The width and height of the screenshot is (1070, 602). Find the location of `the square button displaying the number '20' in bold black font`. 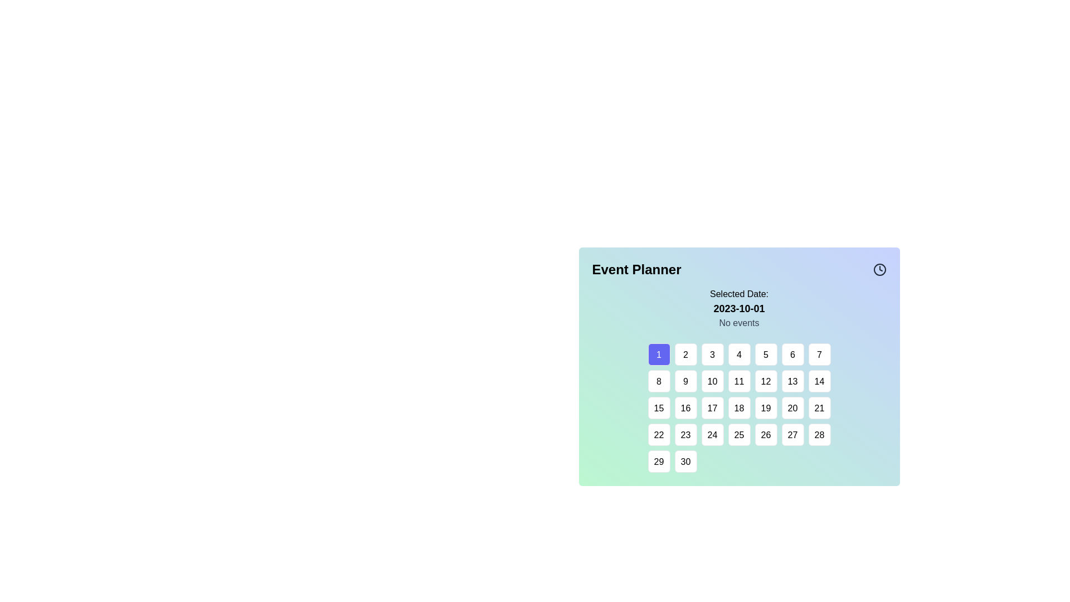

the square button displaying the number '20' in bold black font is located at coordinates (792, 408).